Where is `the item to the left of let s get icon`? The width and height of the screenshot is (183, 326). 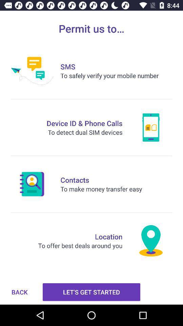
the item to the left of let s get icon is located at coordinates (19, 292).